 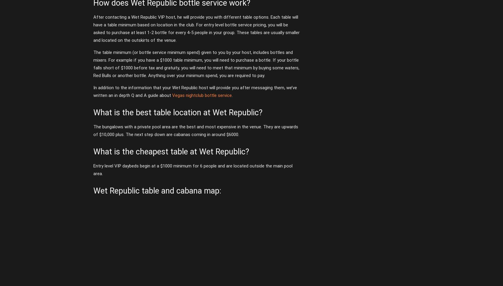 What do you see at coordinates (232, 95) in the screenshot?
I see `'.'` at bounding box center [232, 95].